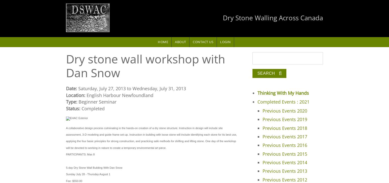 The width and height of the screenshot is (389, 183). I want to click on 'Previous Events 2019', so click(262, 119).